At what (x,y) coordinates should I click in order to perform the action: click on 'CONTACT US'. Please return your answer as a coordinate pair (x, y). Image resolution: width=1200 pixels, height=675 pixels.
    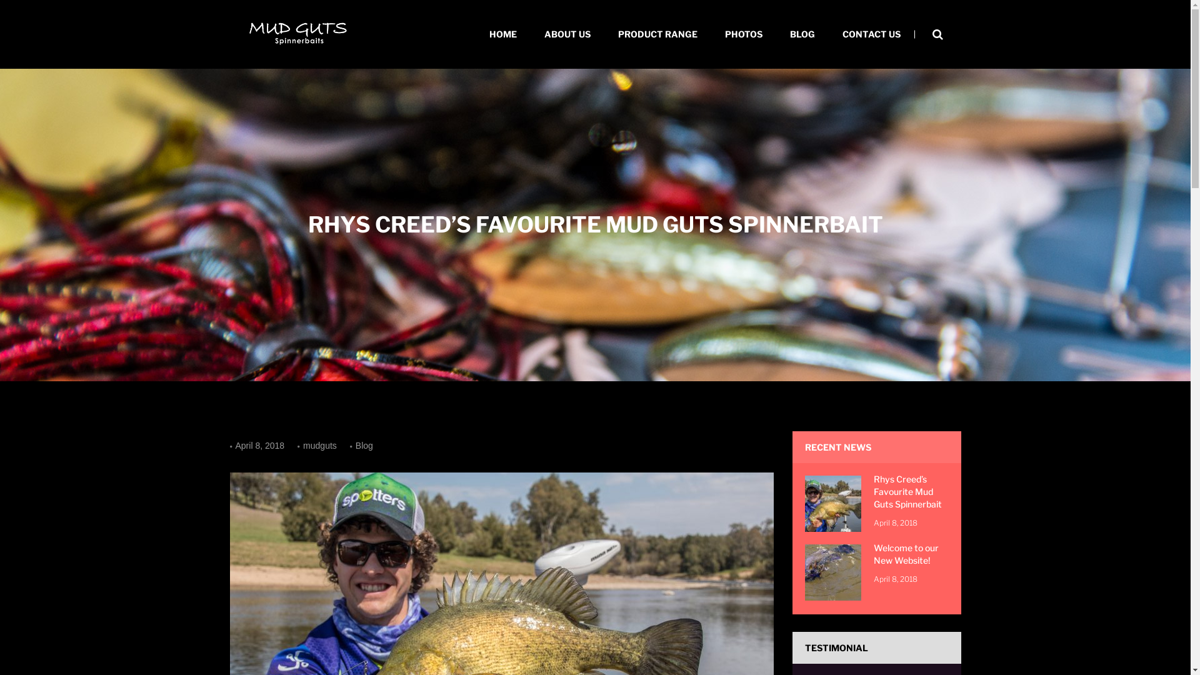
    Looking at the image, I should click on (828, 33).